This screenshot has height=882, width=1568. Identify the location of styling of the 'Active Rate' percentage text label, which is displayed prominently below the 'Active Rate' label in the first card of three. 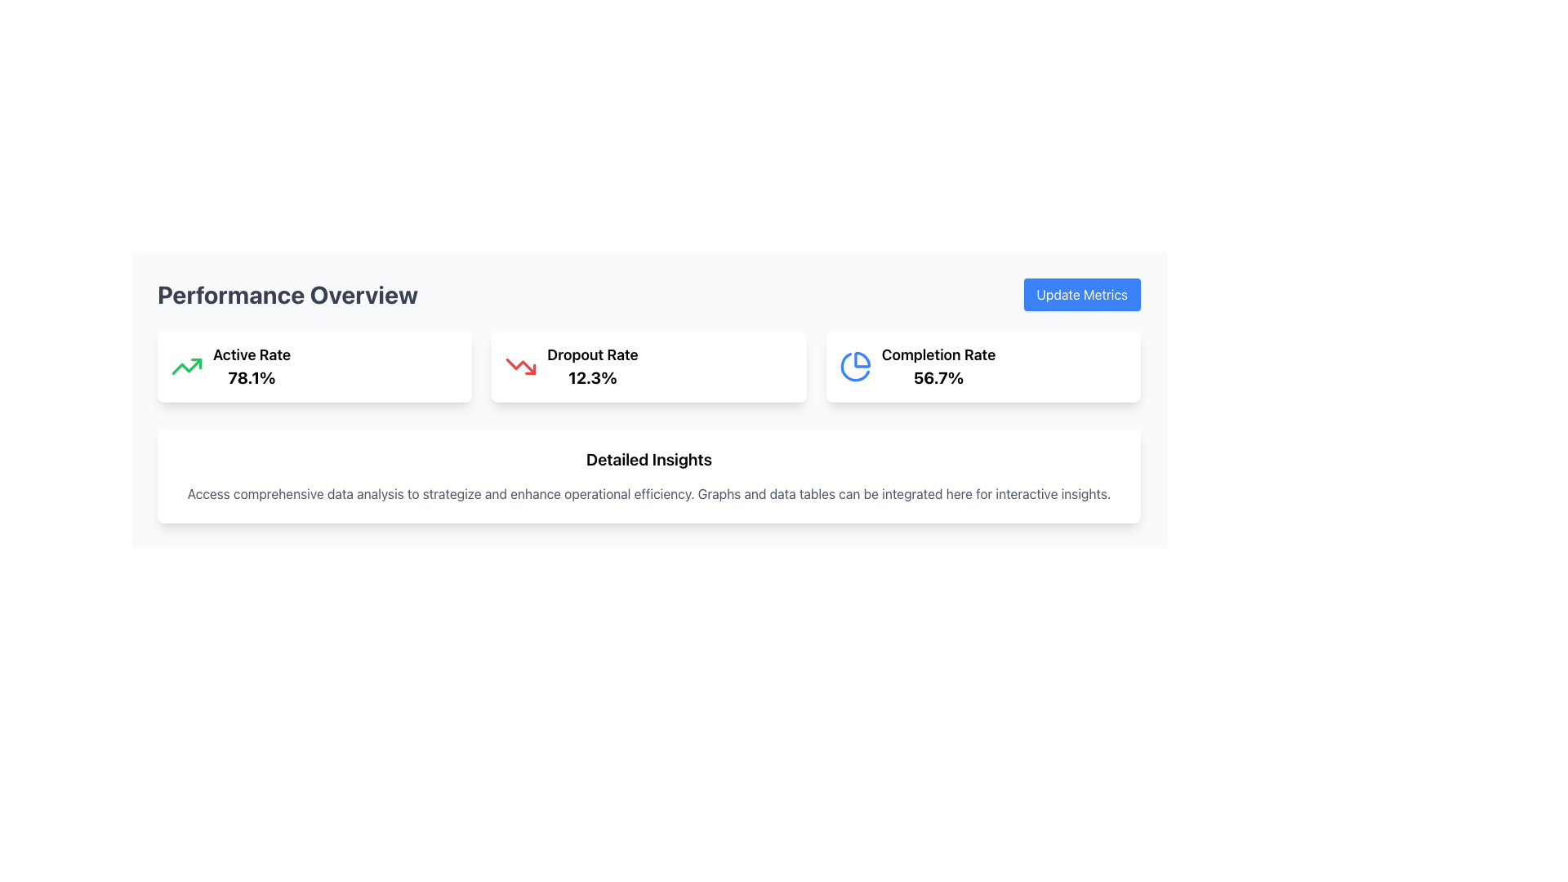
(251, 377).